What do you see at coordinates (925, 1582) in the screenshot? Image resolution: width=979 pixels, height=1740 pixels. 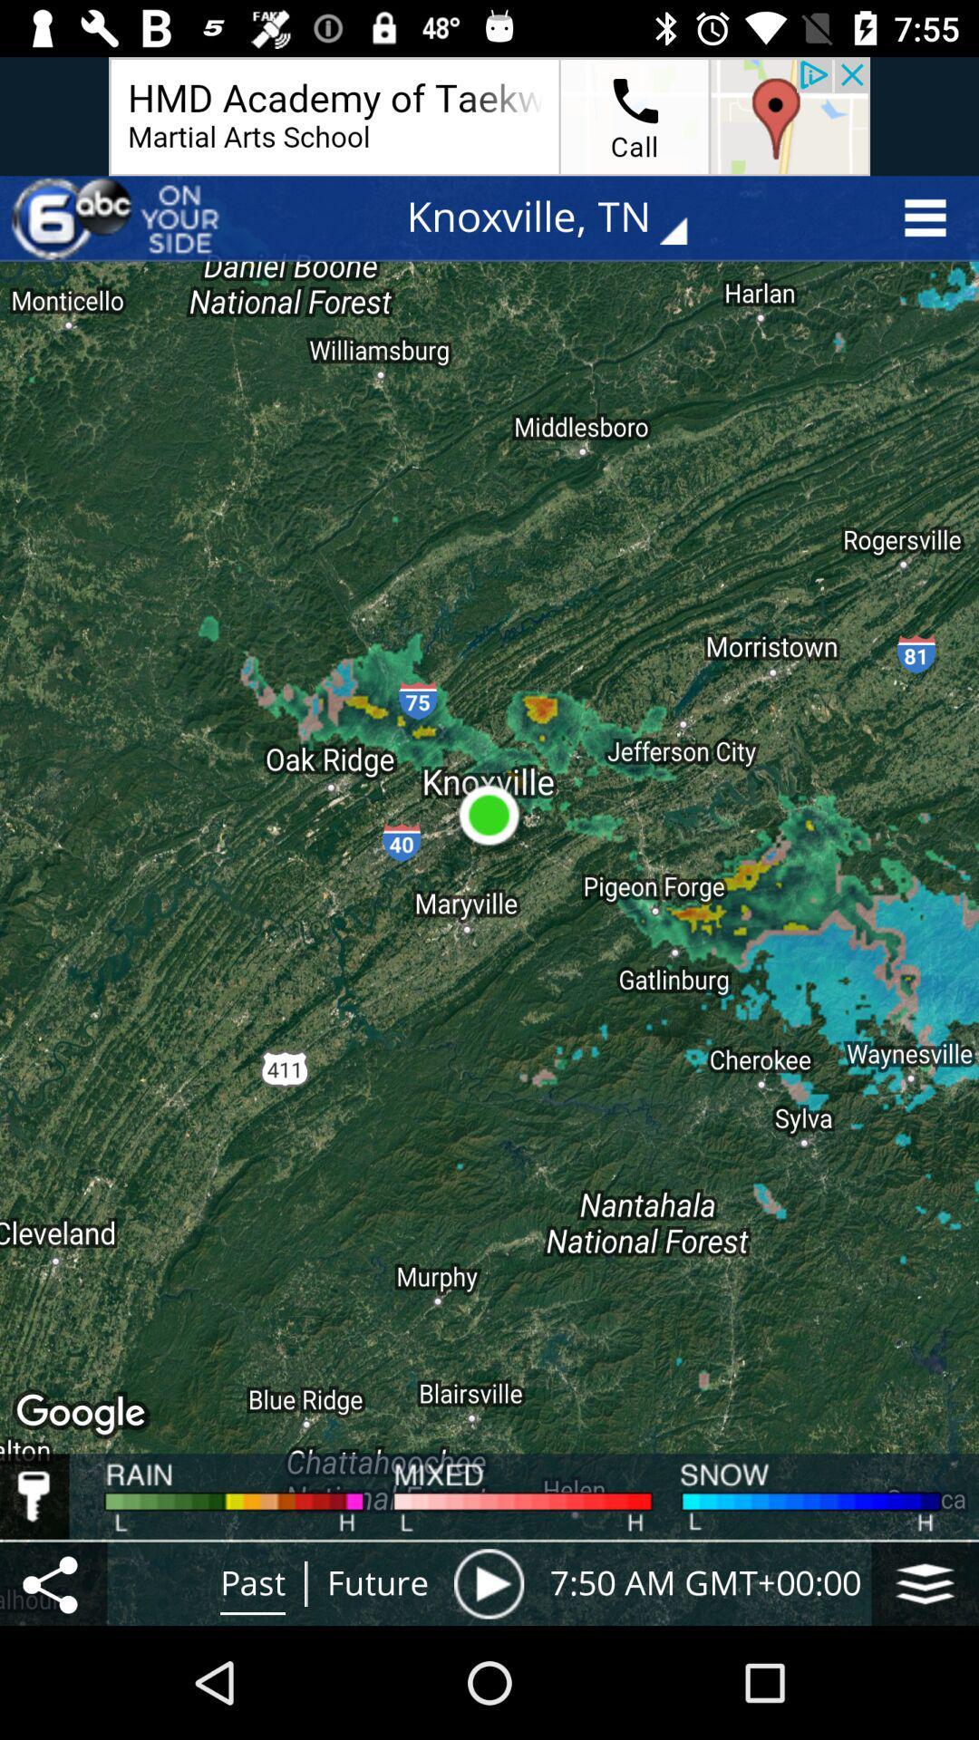 I see `the icon next to the 7 50 am` at bounding box center [925, 1582].